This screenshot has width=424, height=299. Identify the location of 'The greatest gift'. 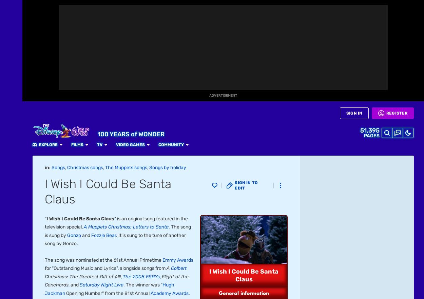
(44, 35).